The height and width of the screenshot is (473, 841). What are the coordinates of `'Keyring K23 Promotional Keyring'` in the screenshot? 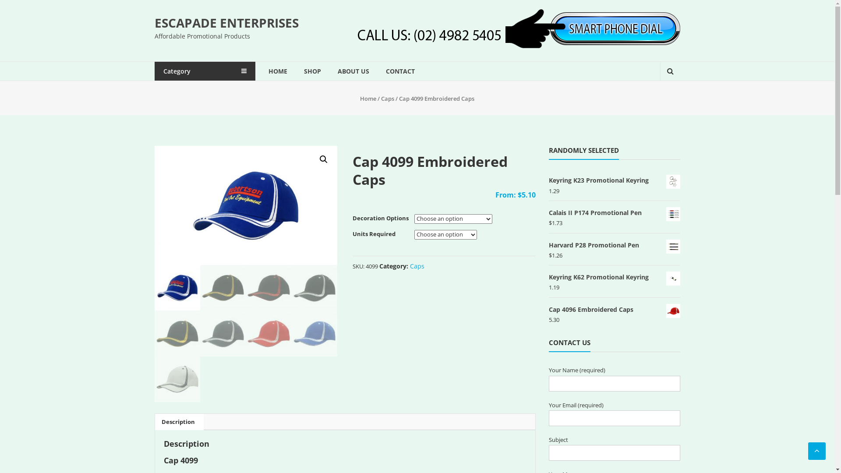 It's located at (613, 180).